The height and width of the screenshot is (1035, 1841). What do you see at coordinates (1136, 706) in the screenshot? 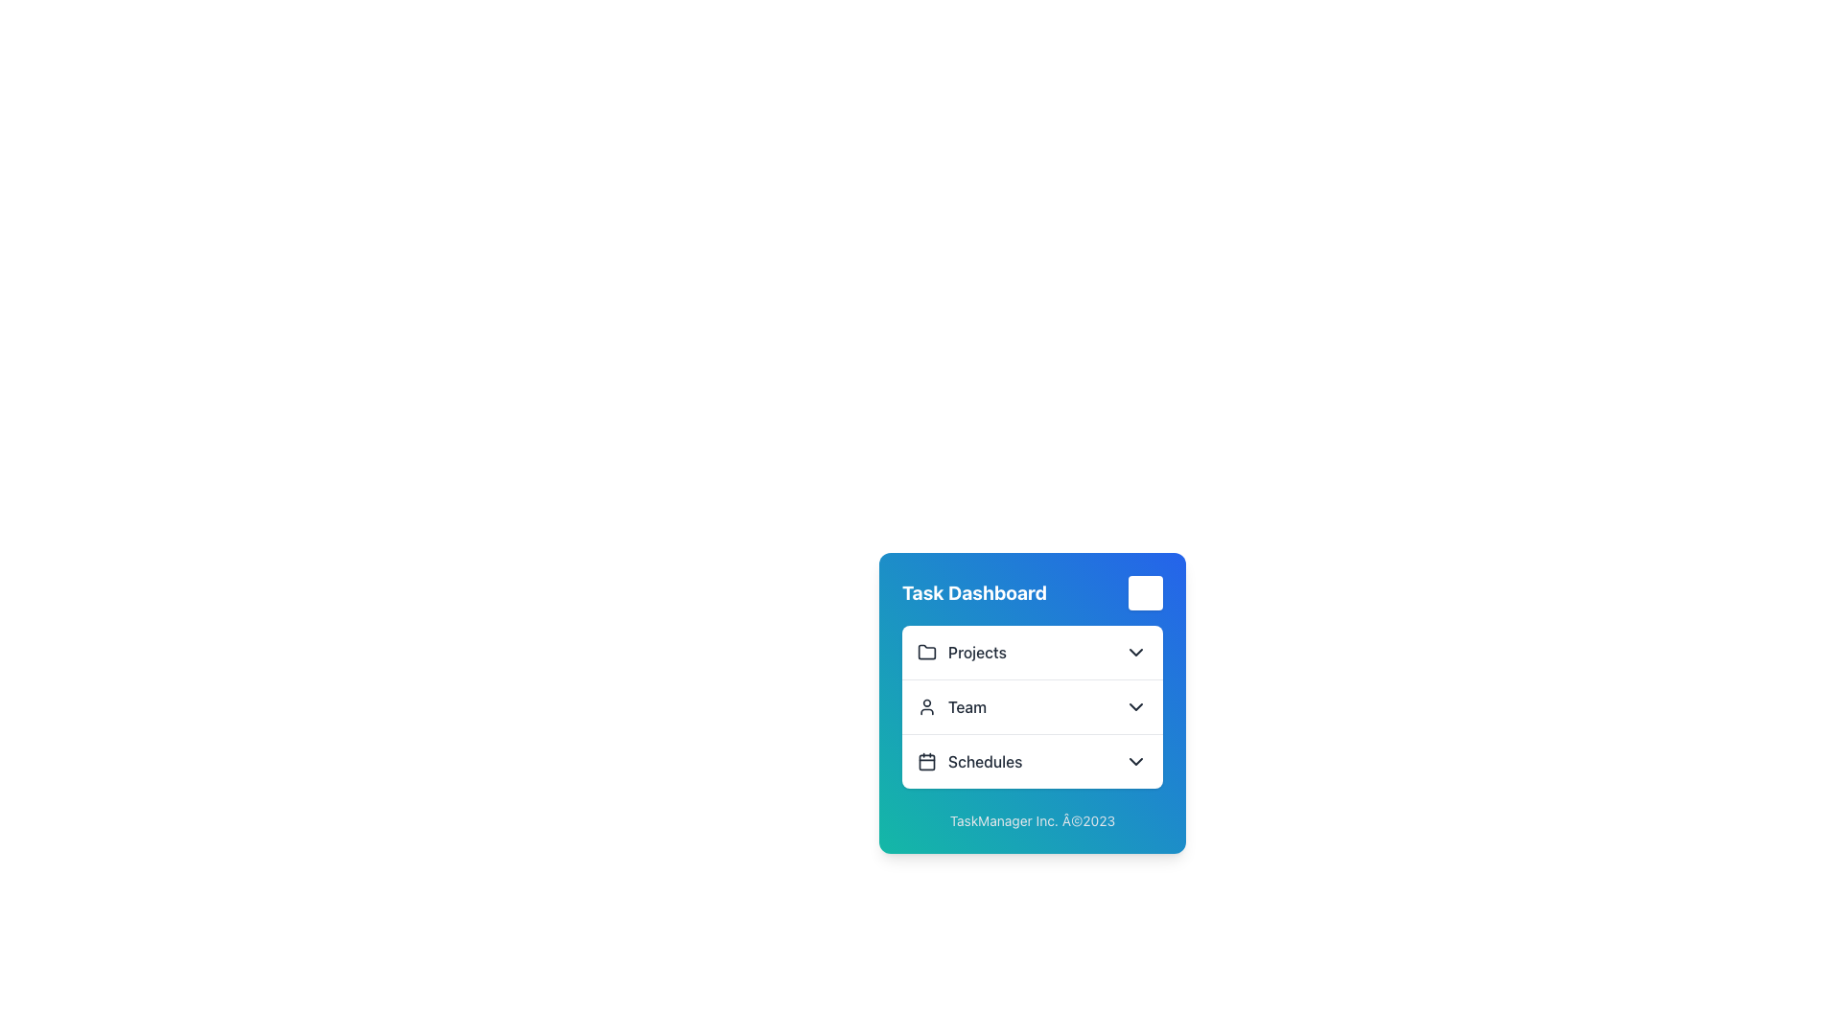
I see `the Dropdown Indicator Icon located to the right of the 'Team' entry to potentially reveal a tooltip` at bounding box center [1136, 706].